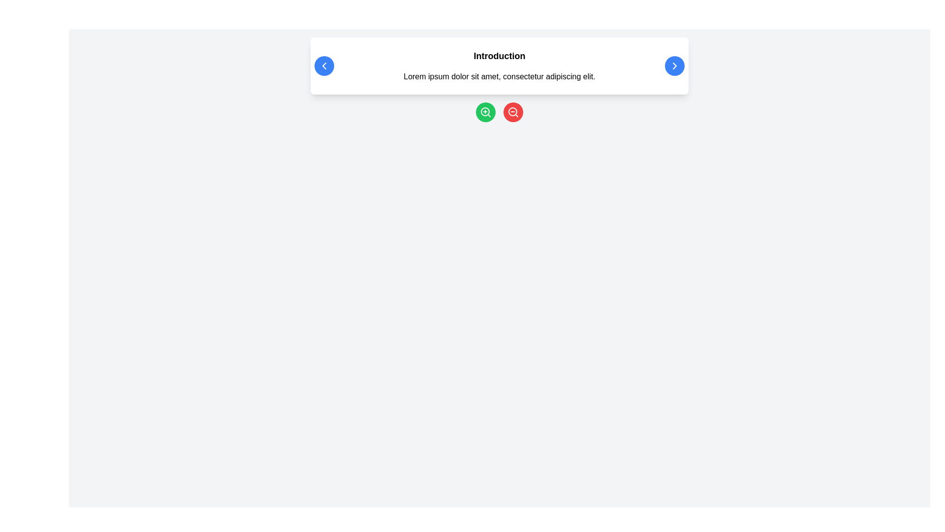 The width and height of the screenshot is (945, 532). Describe the element at coordinates (324, 66) in the screenshot. I see `the left-pointing chevron icon within the circular blue button` at that location.